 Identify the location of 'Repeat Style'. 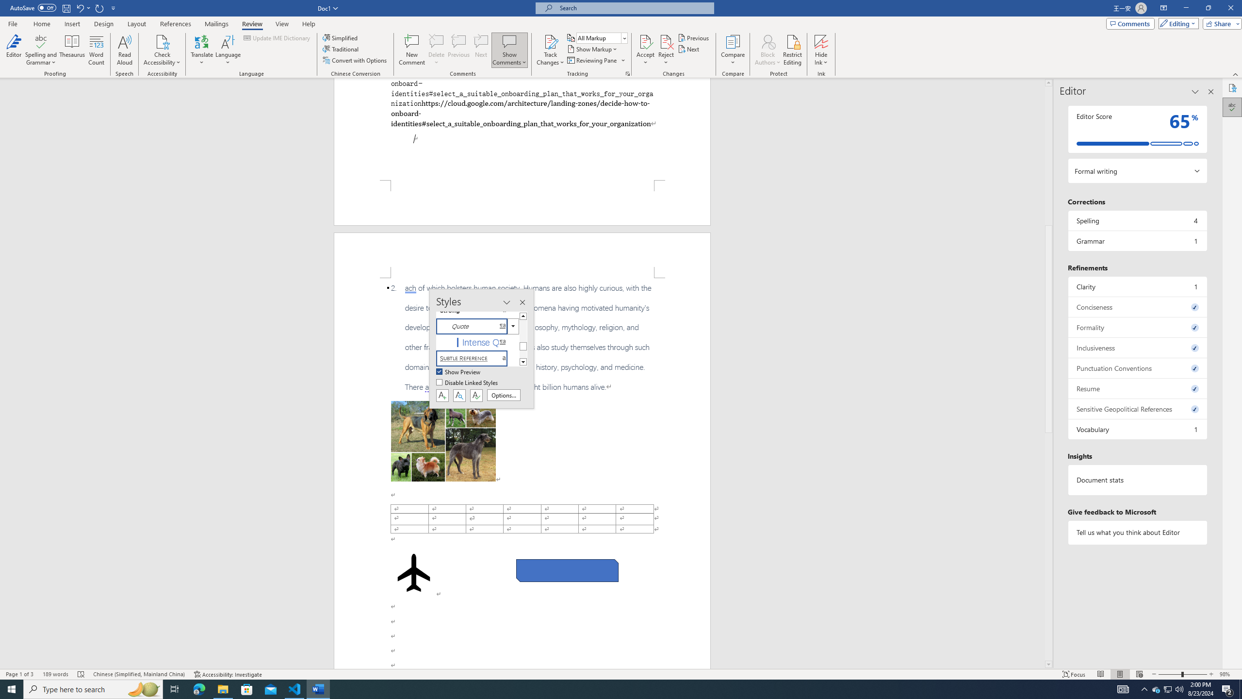
(99, 7).